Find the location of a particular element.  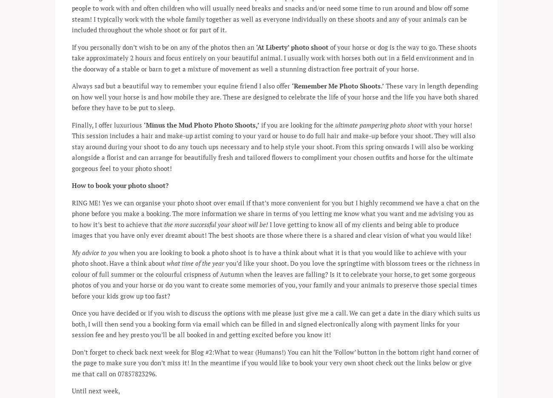

'you’d like your shoot. Do you love the springtime with blossom trees or the richness in colour of full summer or the colourful crispness of Autumn when the leaves are falling? Is it to celebrate your horse, to get some gorgeous photos of you and your horse or do you want to create some memories of you, your family and your animals to preserve those special times before your kids grow up too fast?' is located at coordinates (276, 279).